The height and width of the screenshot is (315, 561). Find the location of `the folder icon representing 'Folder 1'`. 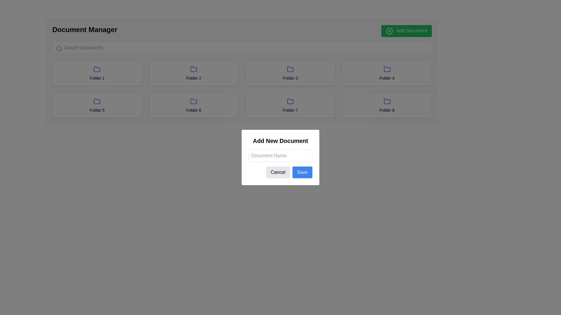

the folder icon representing 'Folder 1' is located at coordinates (97, 69).